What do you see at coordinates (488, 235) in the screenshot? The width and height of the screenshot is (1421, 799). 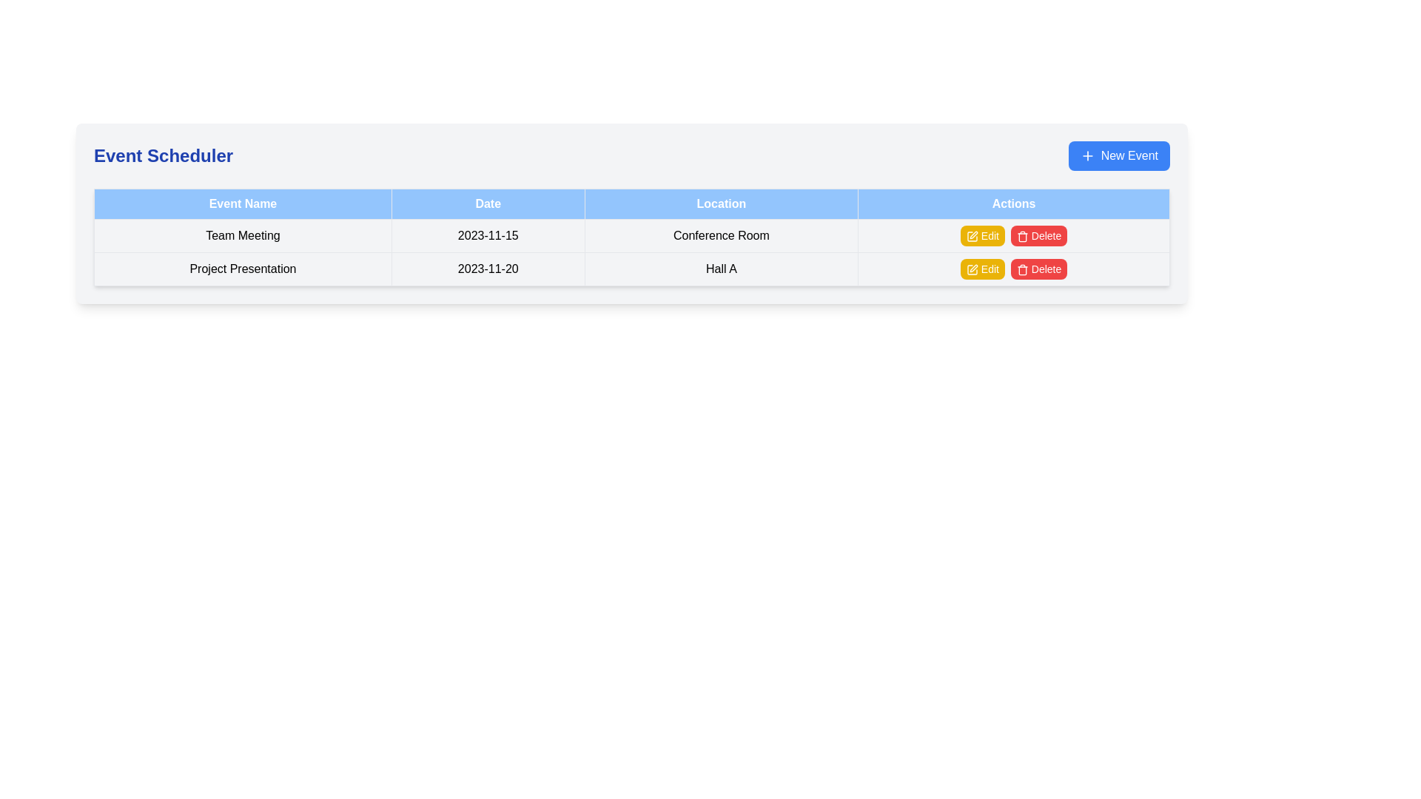 I see `the text '2023-11-15' located in the second column of the first row under the 'Date' header in the table` at bounding box center [488, 235].